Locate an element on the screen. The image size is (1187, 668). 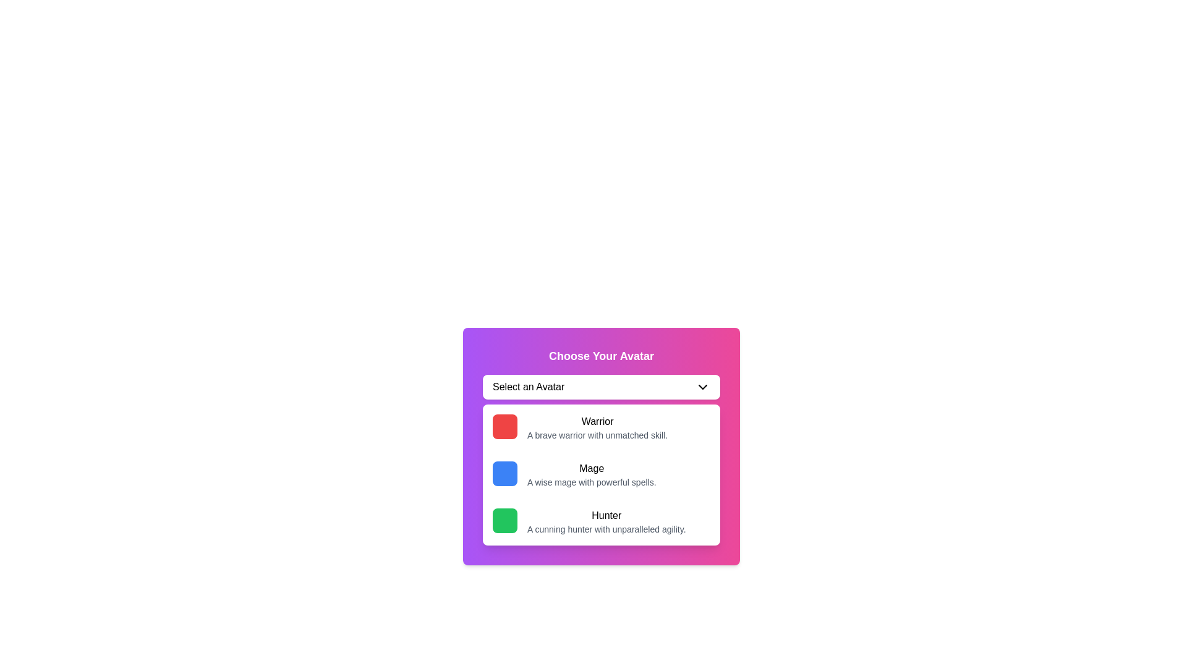
the 'Mage' selectable option panel, which features a blue square icon on the left and is the second item in the list is located at coordinates (602, 474).